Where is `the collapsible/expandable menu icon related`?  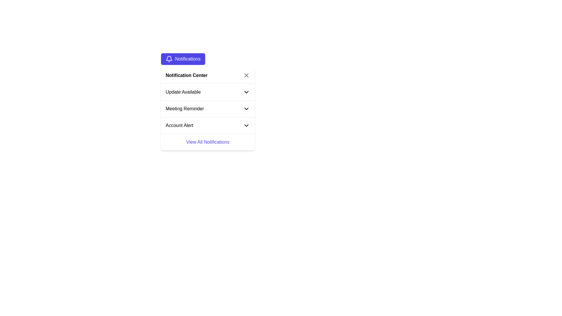 the collapsible/expandable menu icon related is located at coordinates (246, 125).